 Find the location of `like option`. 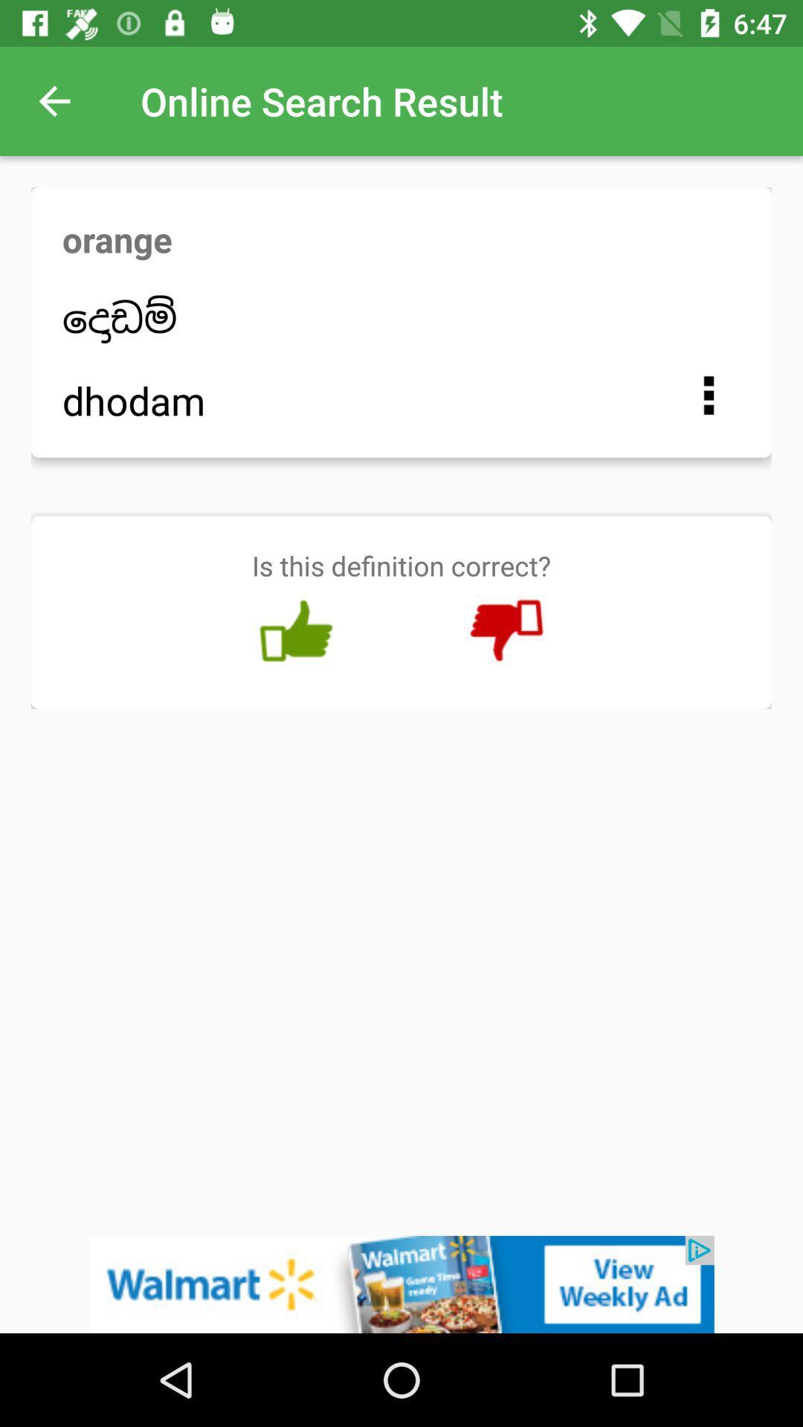

like option is located at coordinates (296, 631).